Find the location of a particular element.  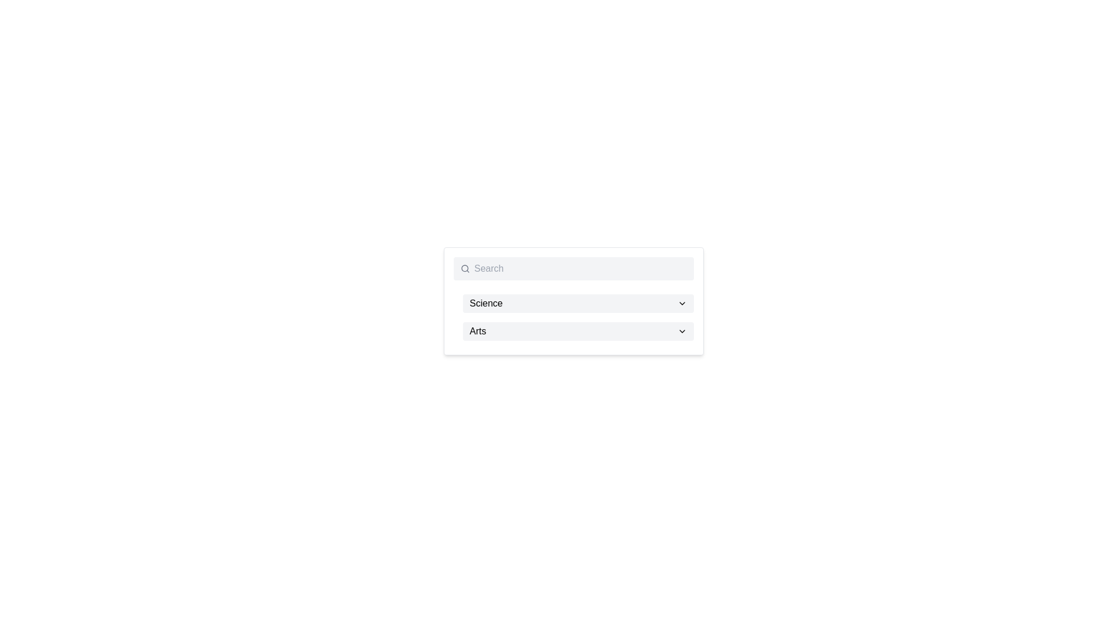

the icon that signifies the presence of a dropdown menu associated with the text 'Science' is located at coordinates (682, 303).